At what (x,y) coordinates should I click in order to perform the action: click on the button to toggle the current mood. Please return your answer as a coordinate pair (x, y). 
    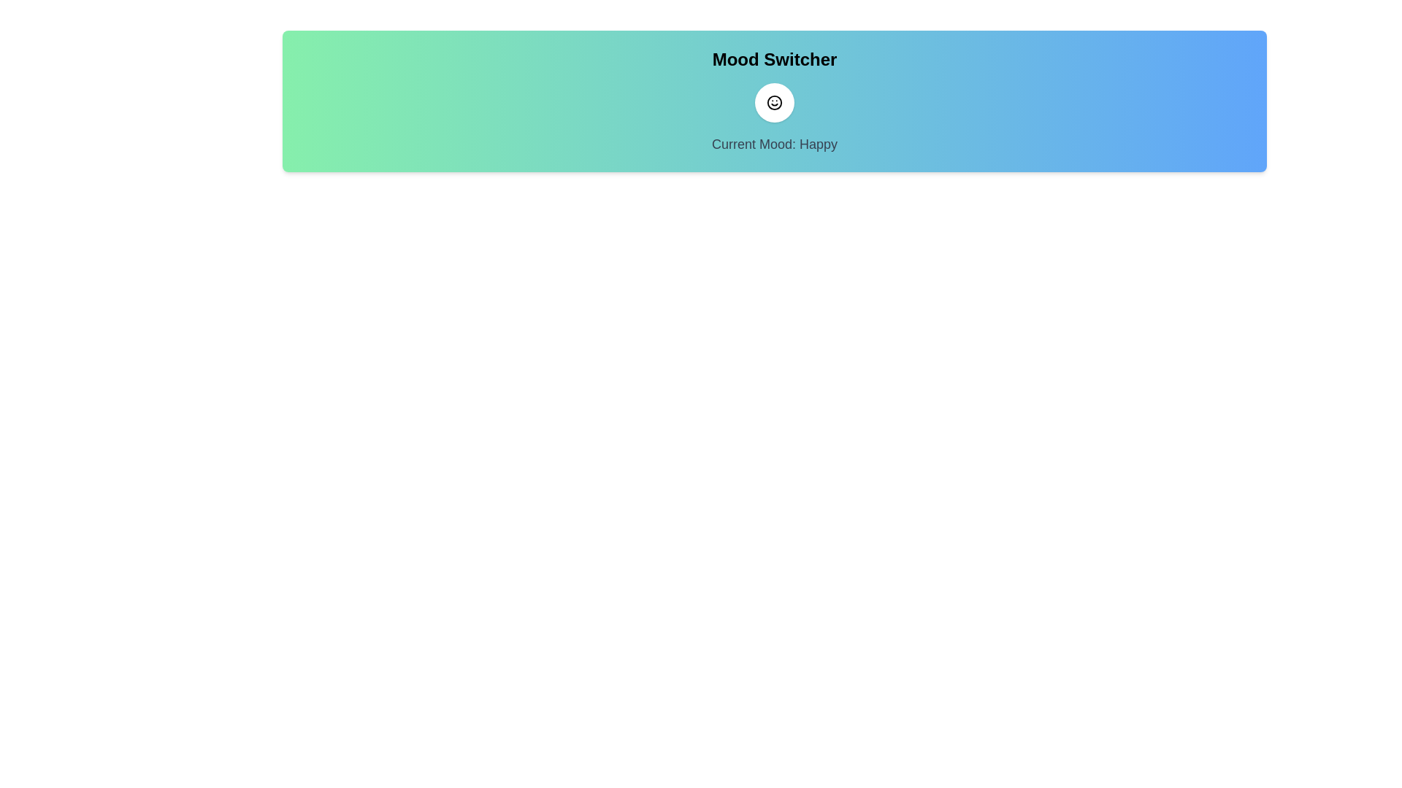
    Looking at the image, I should click on (773, 102).